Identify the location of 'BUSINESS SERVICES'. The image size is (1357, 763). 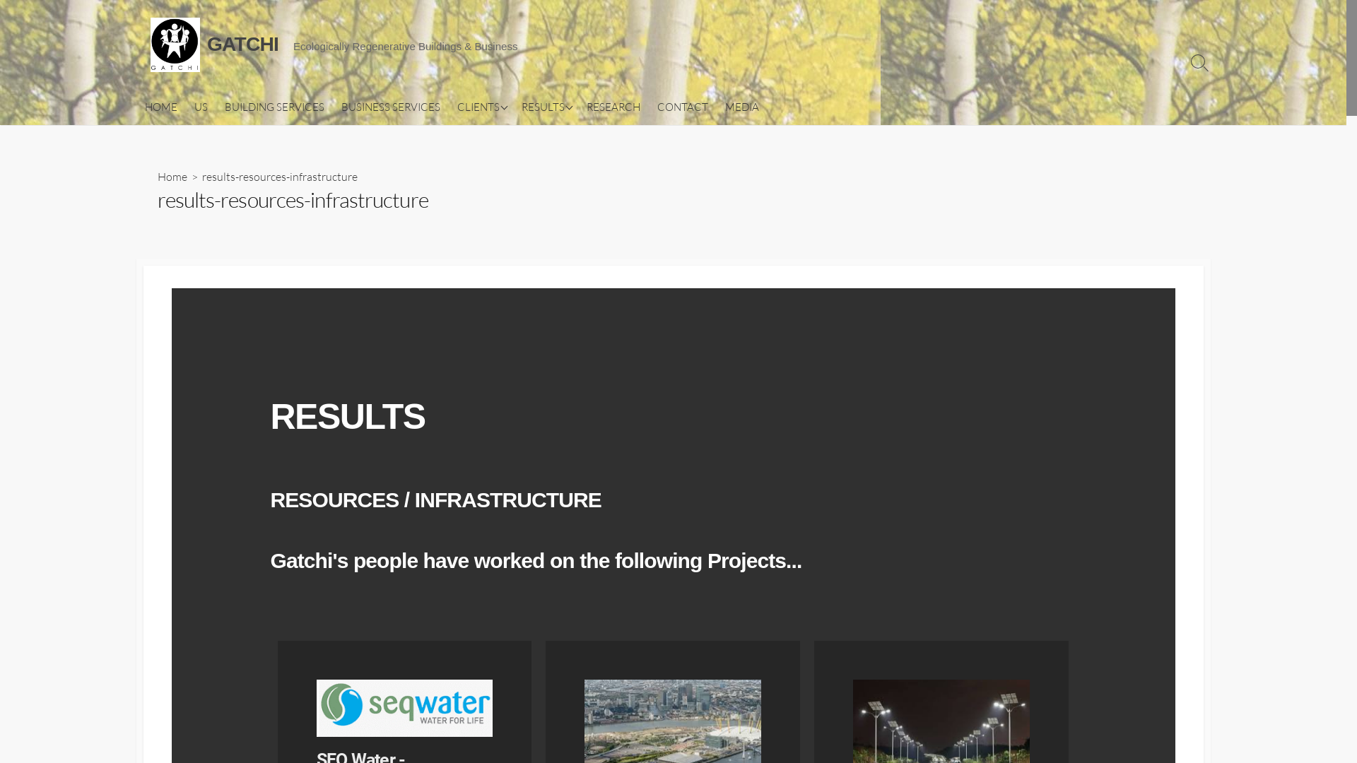
(390, 106).